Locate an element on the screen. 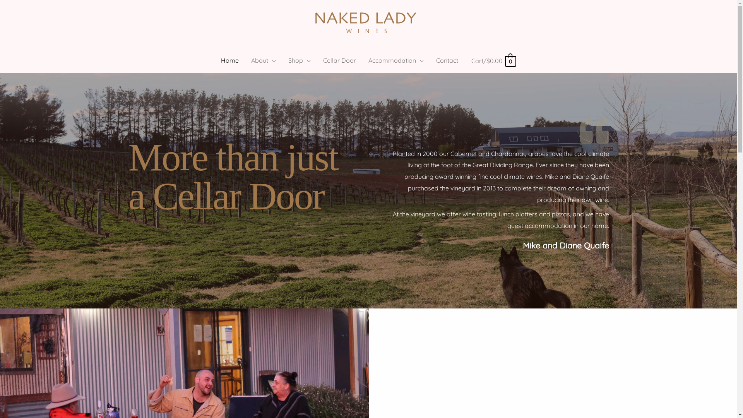 Image resolution: width=743 pixels, height=418 pixels. 'About' is located at coordinates (264, 60).